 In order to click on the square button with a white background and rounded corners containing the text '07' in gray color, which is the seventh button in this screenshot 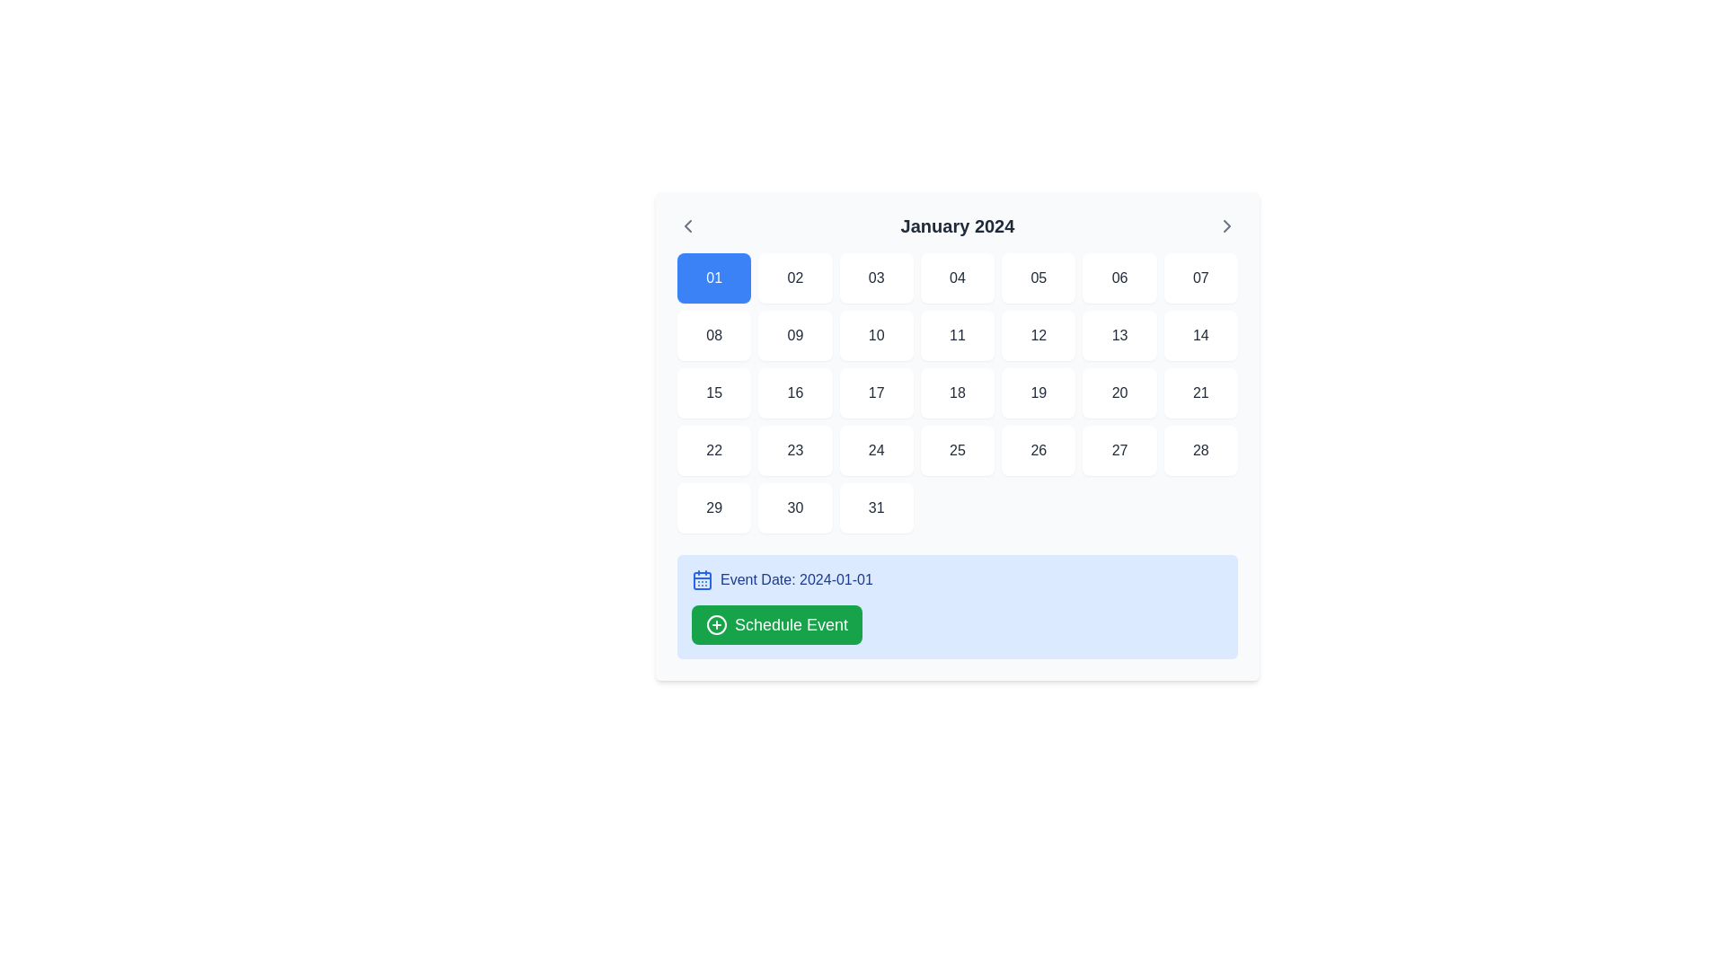, I will do `click(1200, 278)`.